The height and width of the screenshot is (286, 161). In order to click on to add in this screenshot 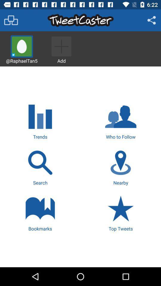, I will do `click(61, 48)`.